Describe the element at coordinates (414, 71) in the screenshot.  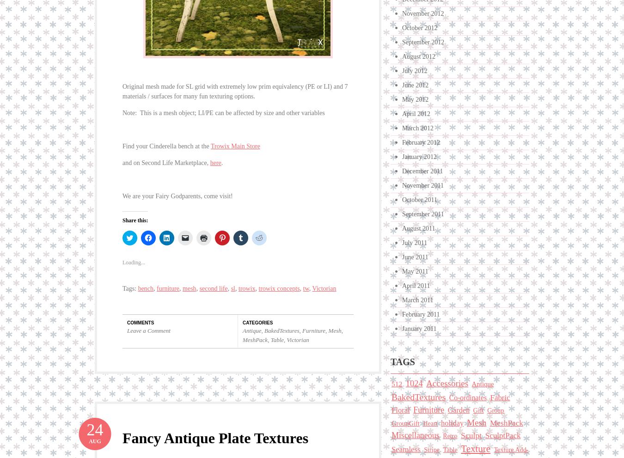
I see `'July 2012'` at that location.